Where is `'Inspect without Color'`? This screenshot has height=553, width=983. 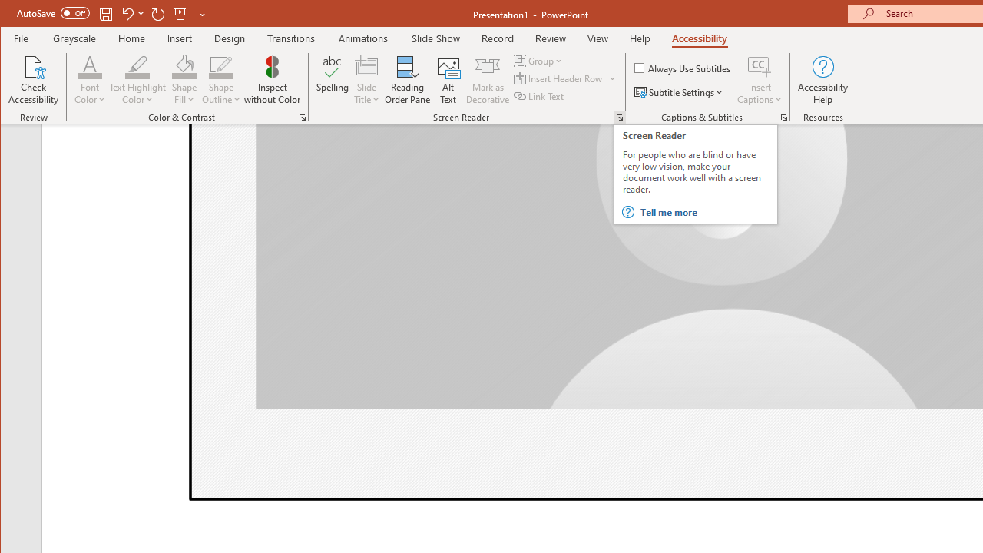 'Inspect without Color' is located at coordinates (273, 80).